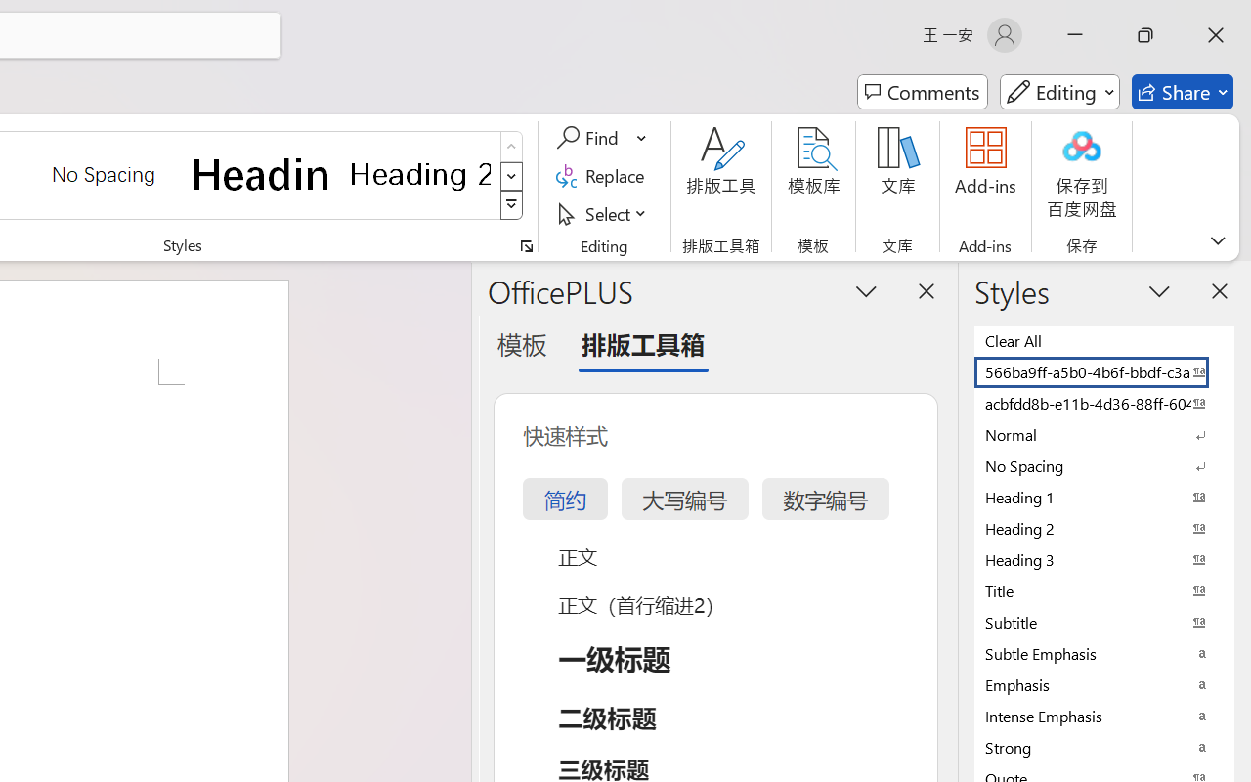  Describe the element at coordinates (922, 92) in the screenshot. I see `'Comments'` at that location.